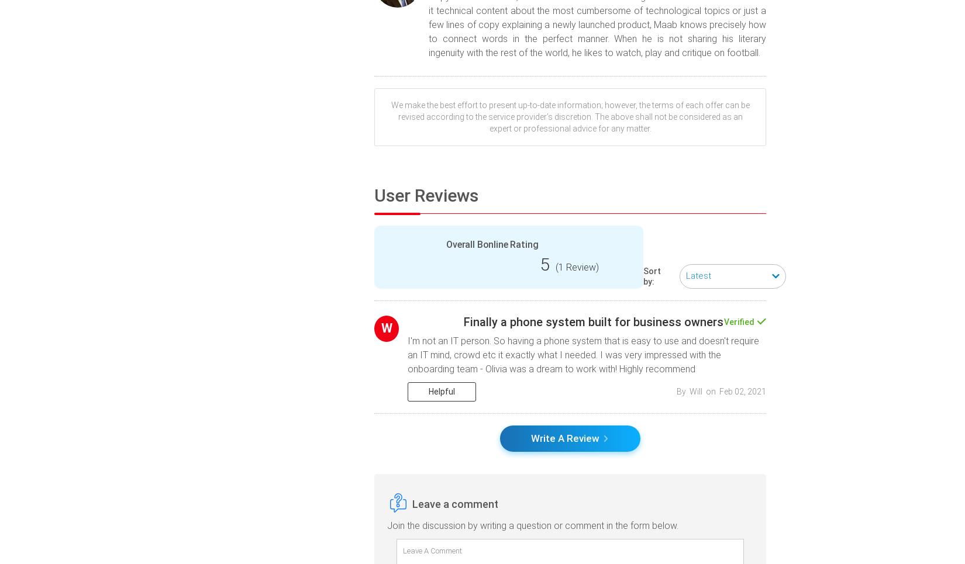 This screenshot has height=564, width=965. What do you see at coordinates (454, 504) in the screenshot?
I see `'Leave a comment'` at bounding box center [454, 504].